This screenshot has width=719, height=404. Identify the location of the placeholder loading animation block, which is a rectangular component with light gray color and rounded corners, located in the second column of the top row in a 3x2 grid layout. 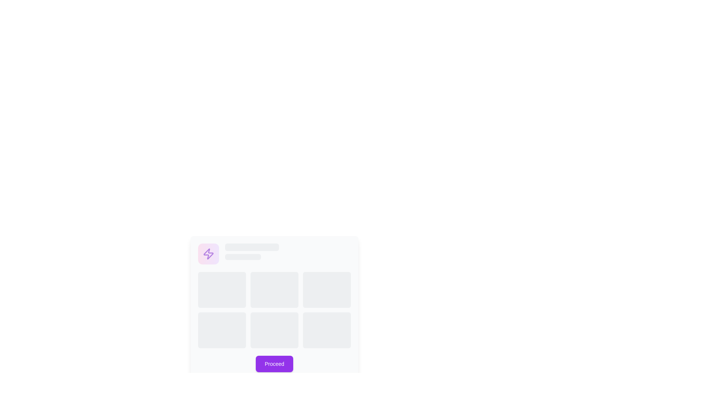
(274, 290).